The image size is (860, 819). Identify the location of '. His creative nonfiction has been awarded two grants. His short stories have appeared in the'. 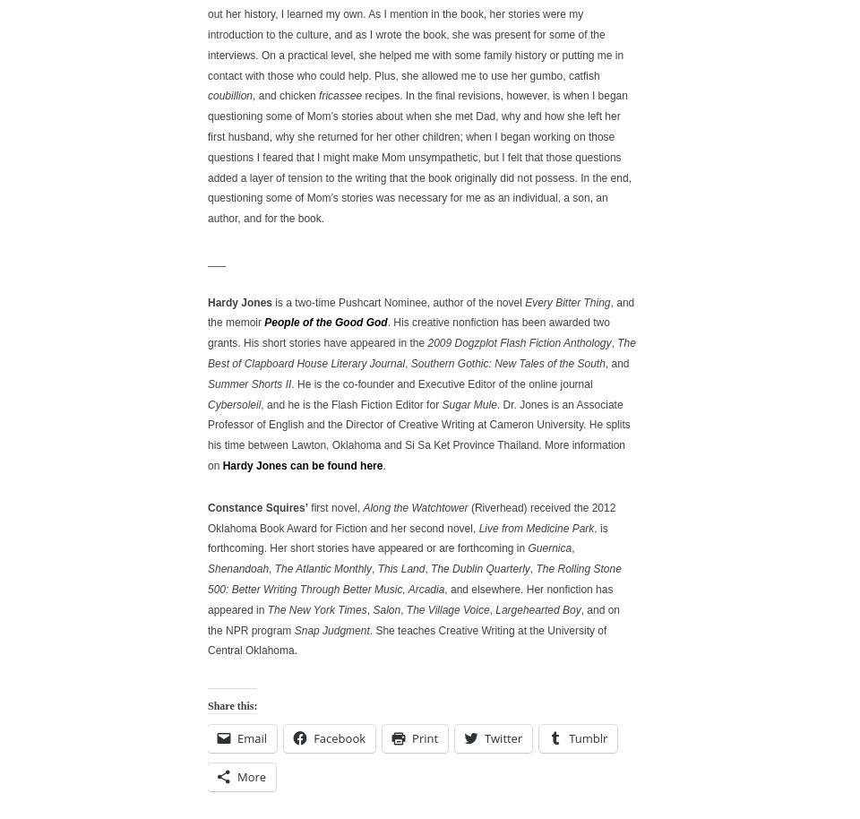
(408, 332).